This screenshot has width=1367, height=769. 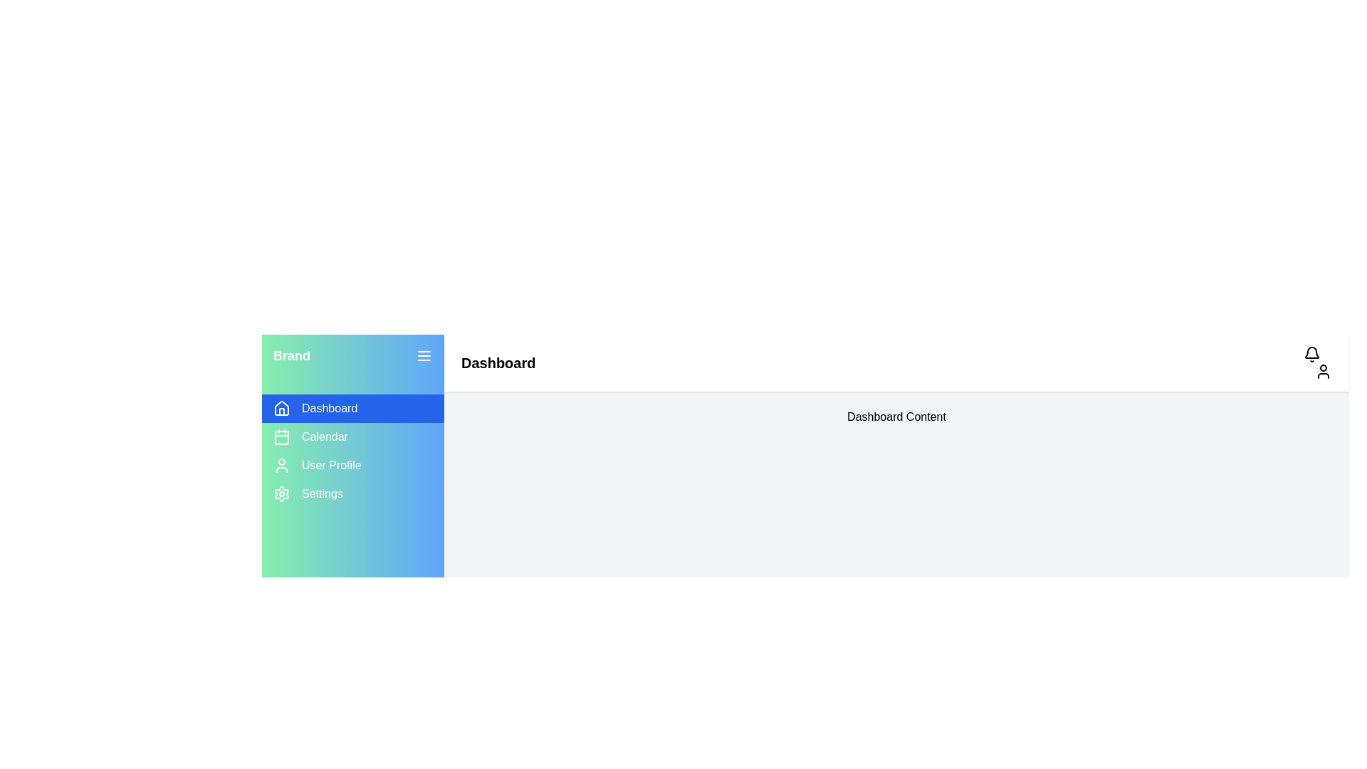 I want to click on the 'Dashboard' button, which is the first option in the vertical navigation menu with a blue background and white text, to trigger the hover effect, so click(x=352, y=409).